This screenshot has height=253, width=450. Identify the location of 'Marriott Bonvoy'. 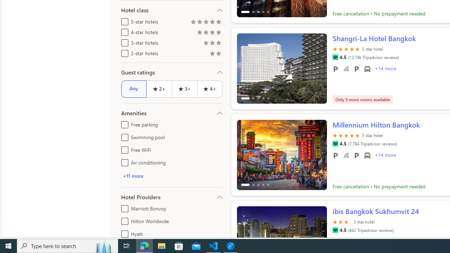
(123, 207).